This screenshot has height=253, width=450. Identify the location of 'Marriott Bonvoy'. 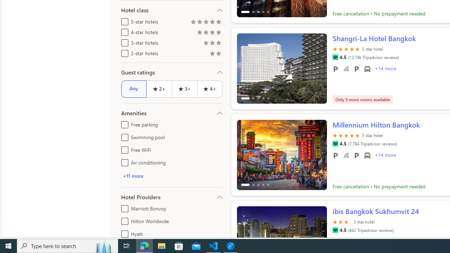
(123, 207).